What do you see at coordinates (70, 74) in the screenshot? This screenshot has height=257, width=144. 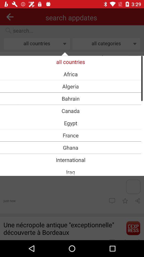 I see `africa item` at bounding box center [70, 74].